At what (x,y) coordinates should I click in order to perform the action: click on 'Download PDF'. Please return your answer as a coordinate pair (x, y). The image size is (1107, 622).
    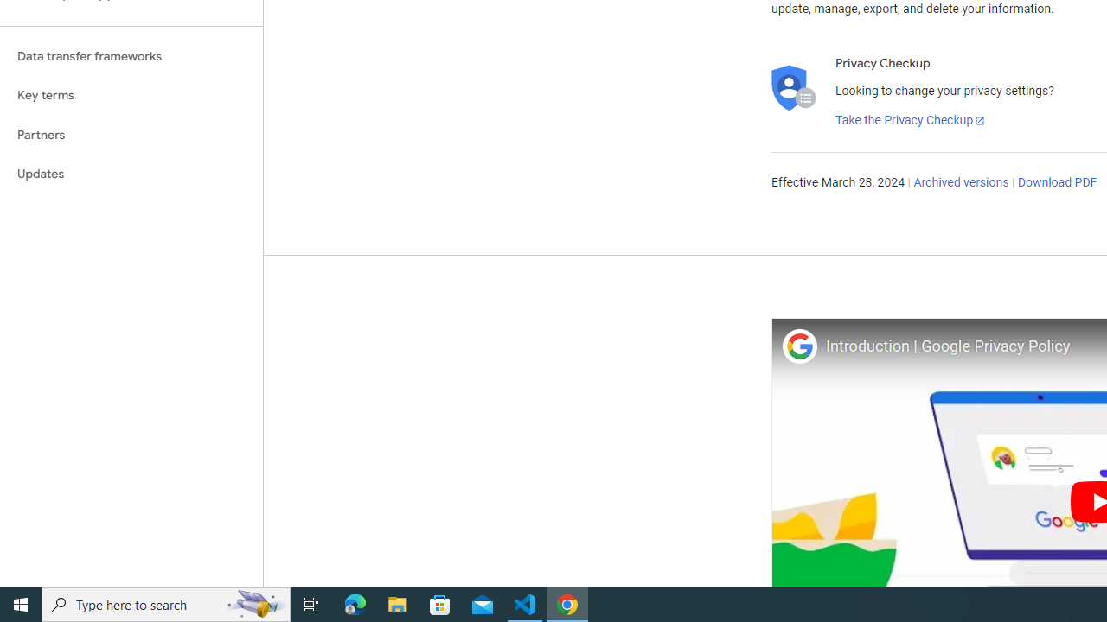
    Looking at the image, I should click on (1056, 183).